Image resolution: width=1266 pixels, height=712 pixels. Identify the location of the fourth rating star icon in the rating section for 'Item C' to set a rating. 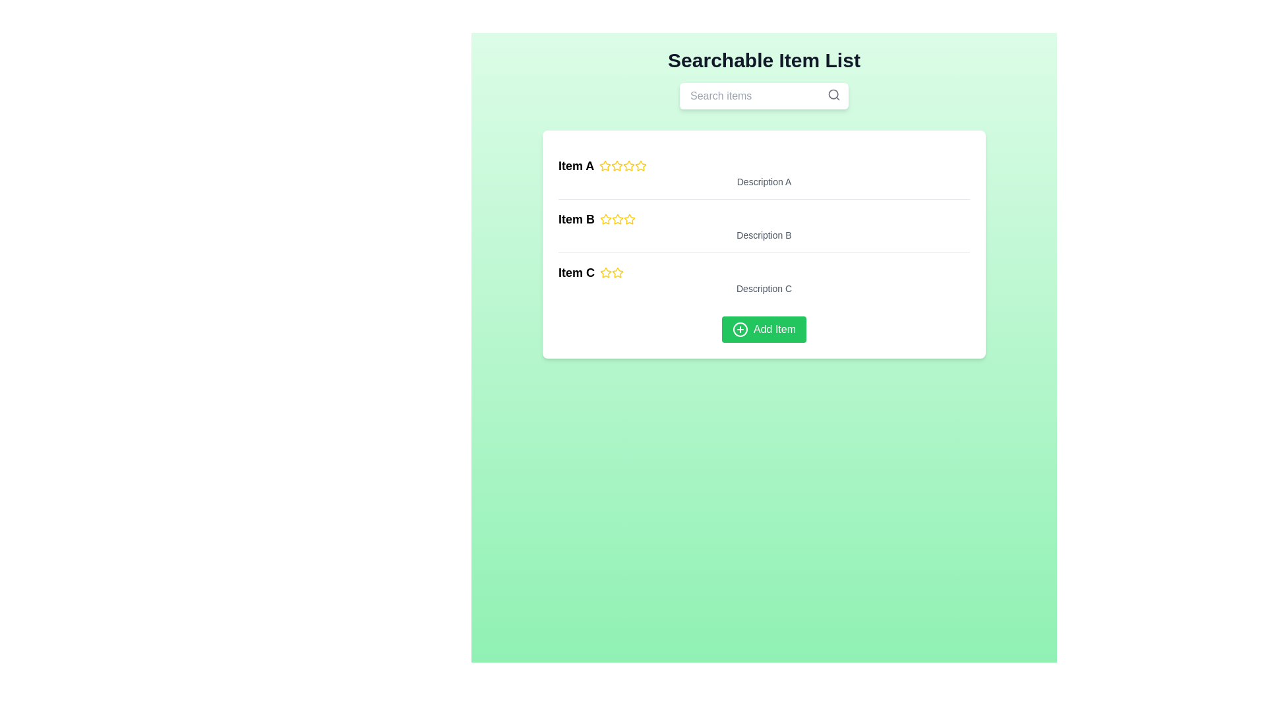
(605, 272).